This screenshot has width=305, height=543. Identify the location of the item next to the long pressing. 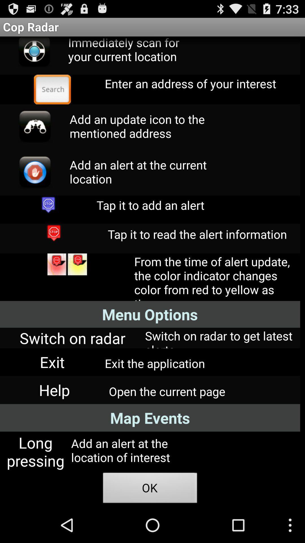
(150, 489).